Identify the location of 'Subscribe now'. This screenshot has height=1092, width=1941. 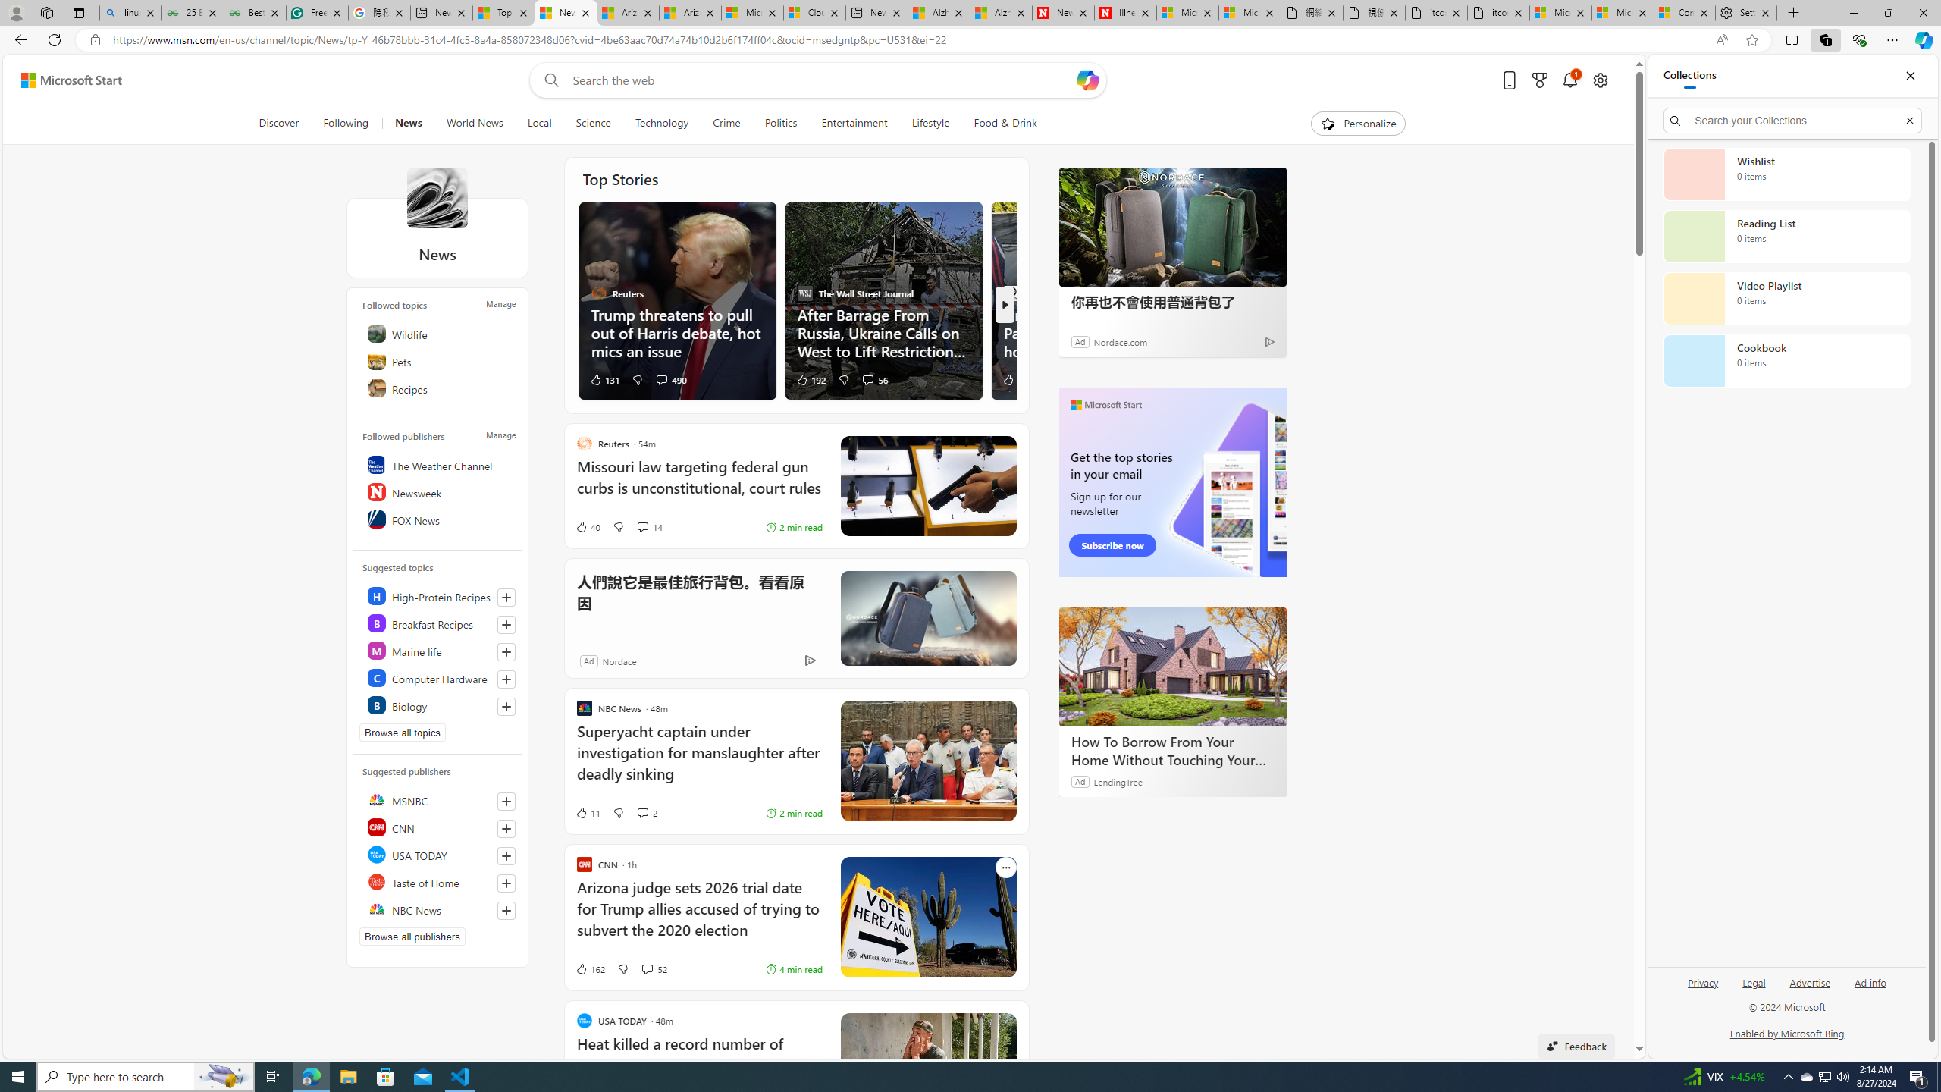
(1112, 545).